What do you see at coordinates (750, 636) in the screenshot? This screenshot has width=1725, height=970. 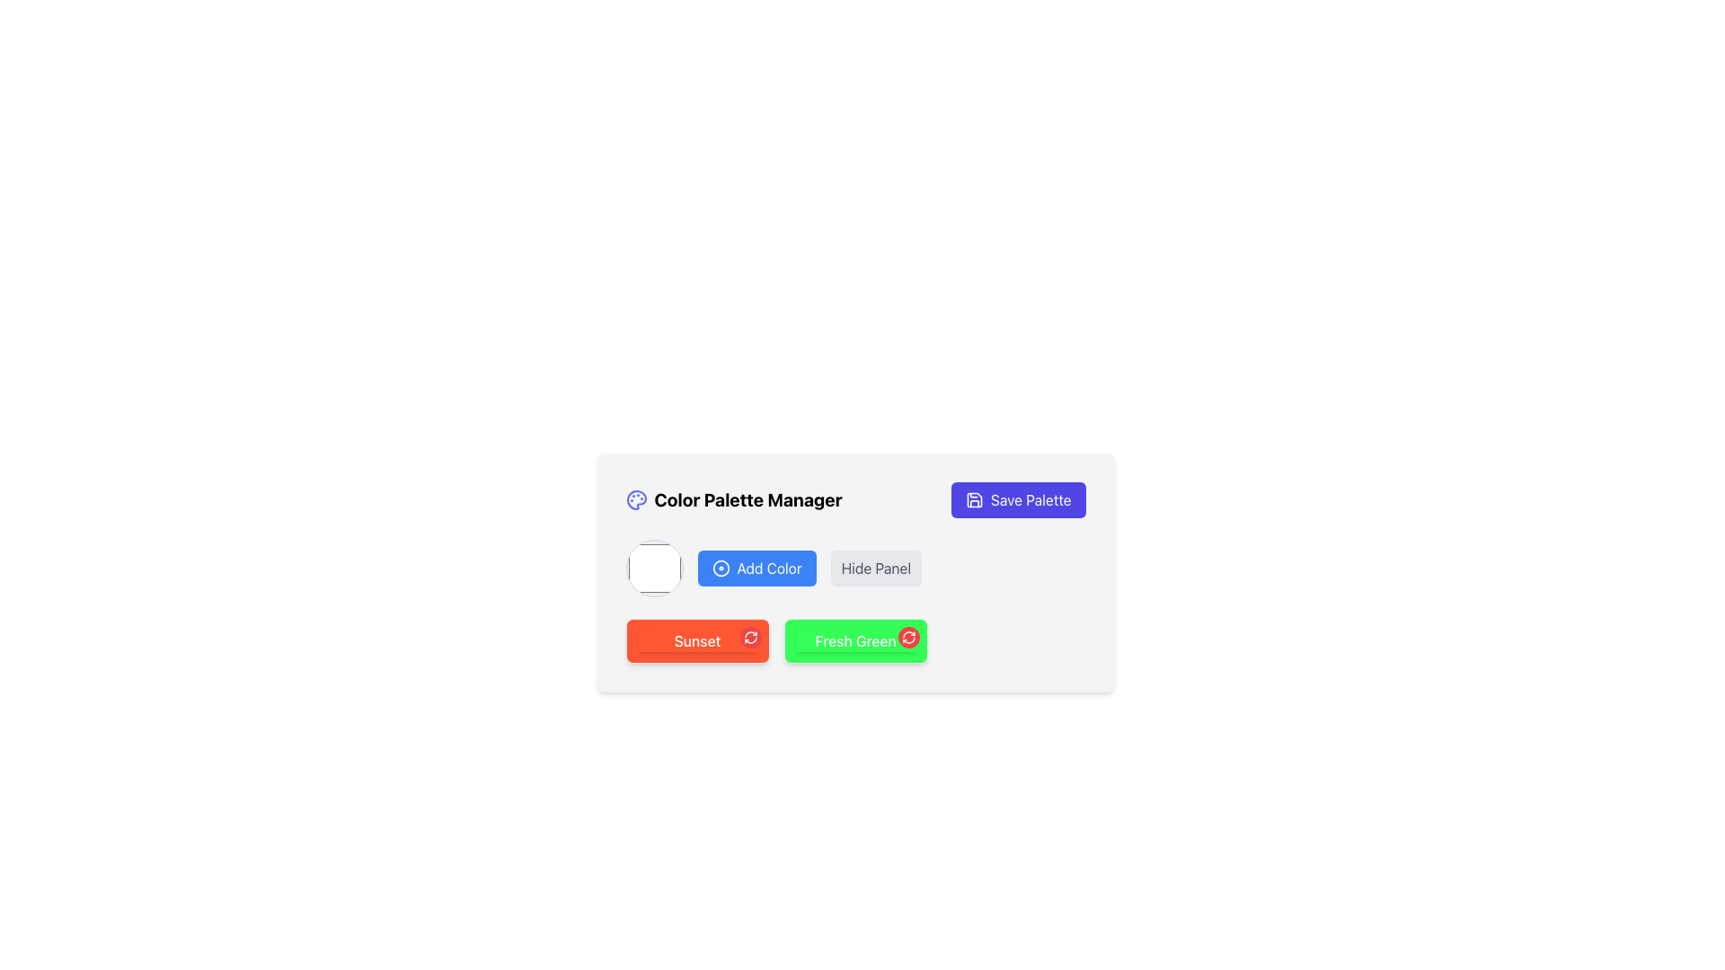 I see `the icon button located in the top-right corner of the 'Fresh Green' button` at bounding box center [750, 636].